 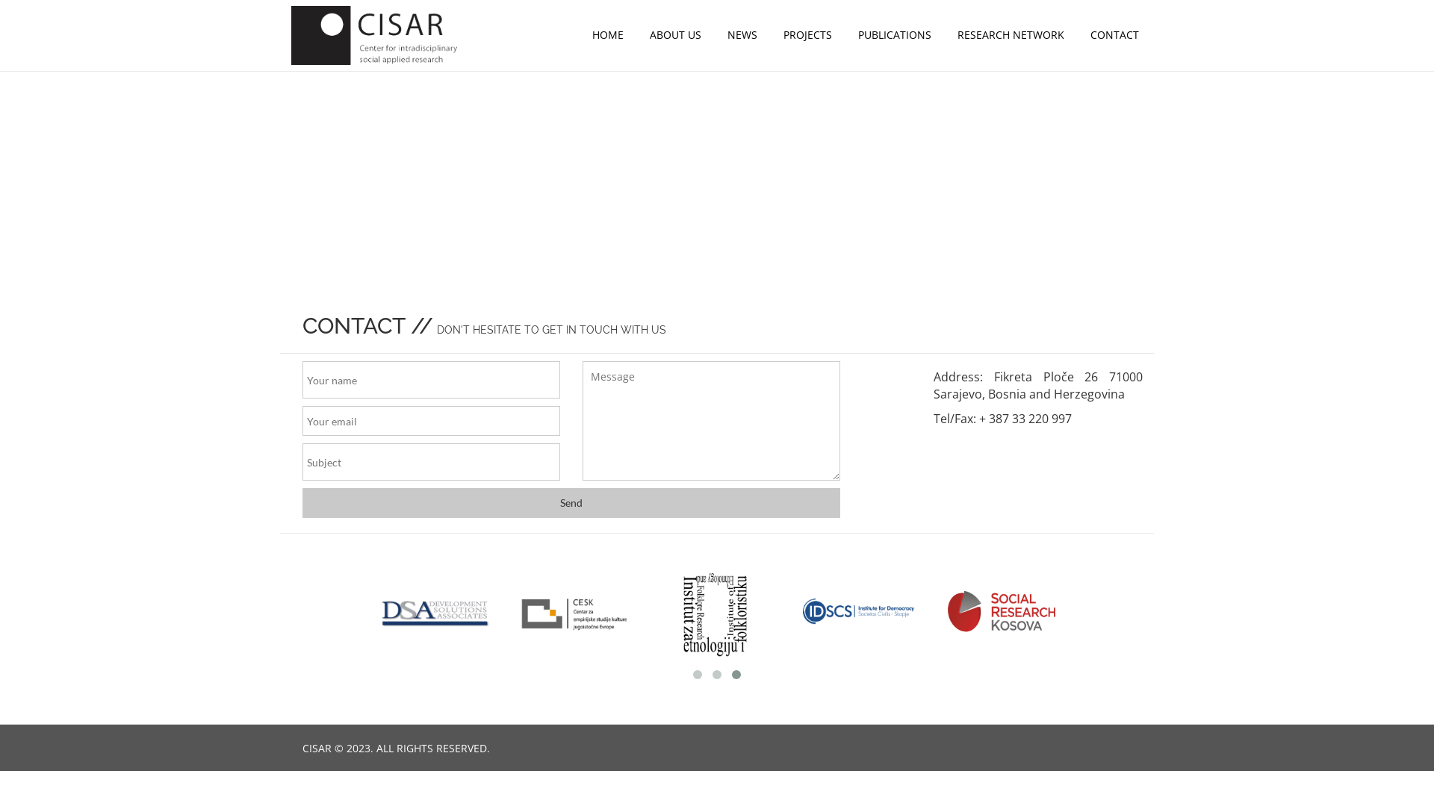 I want to click on 'PUBLICATIONS', so click(x=895, y=34).